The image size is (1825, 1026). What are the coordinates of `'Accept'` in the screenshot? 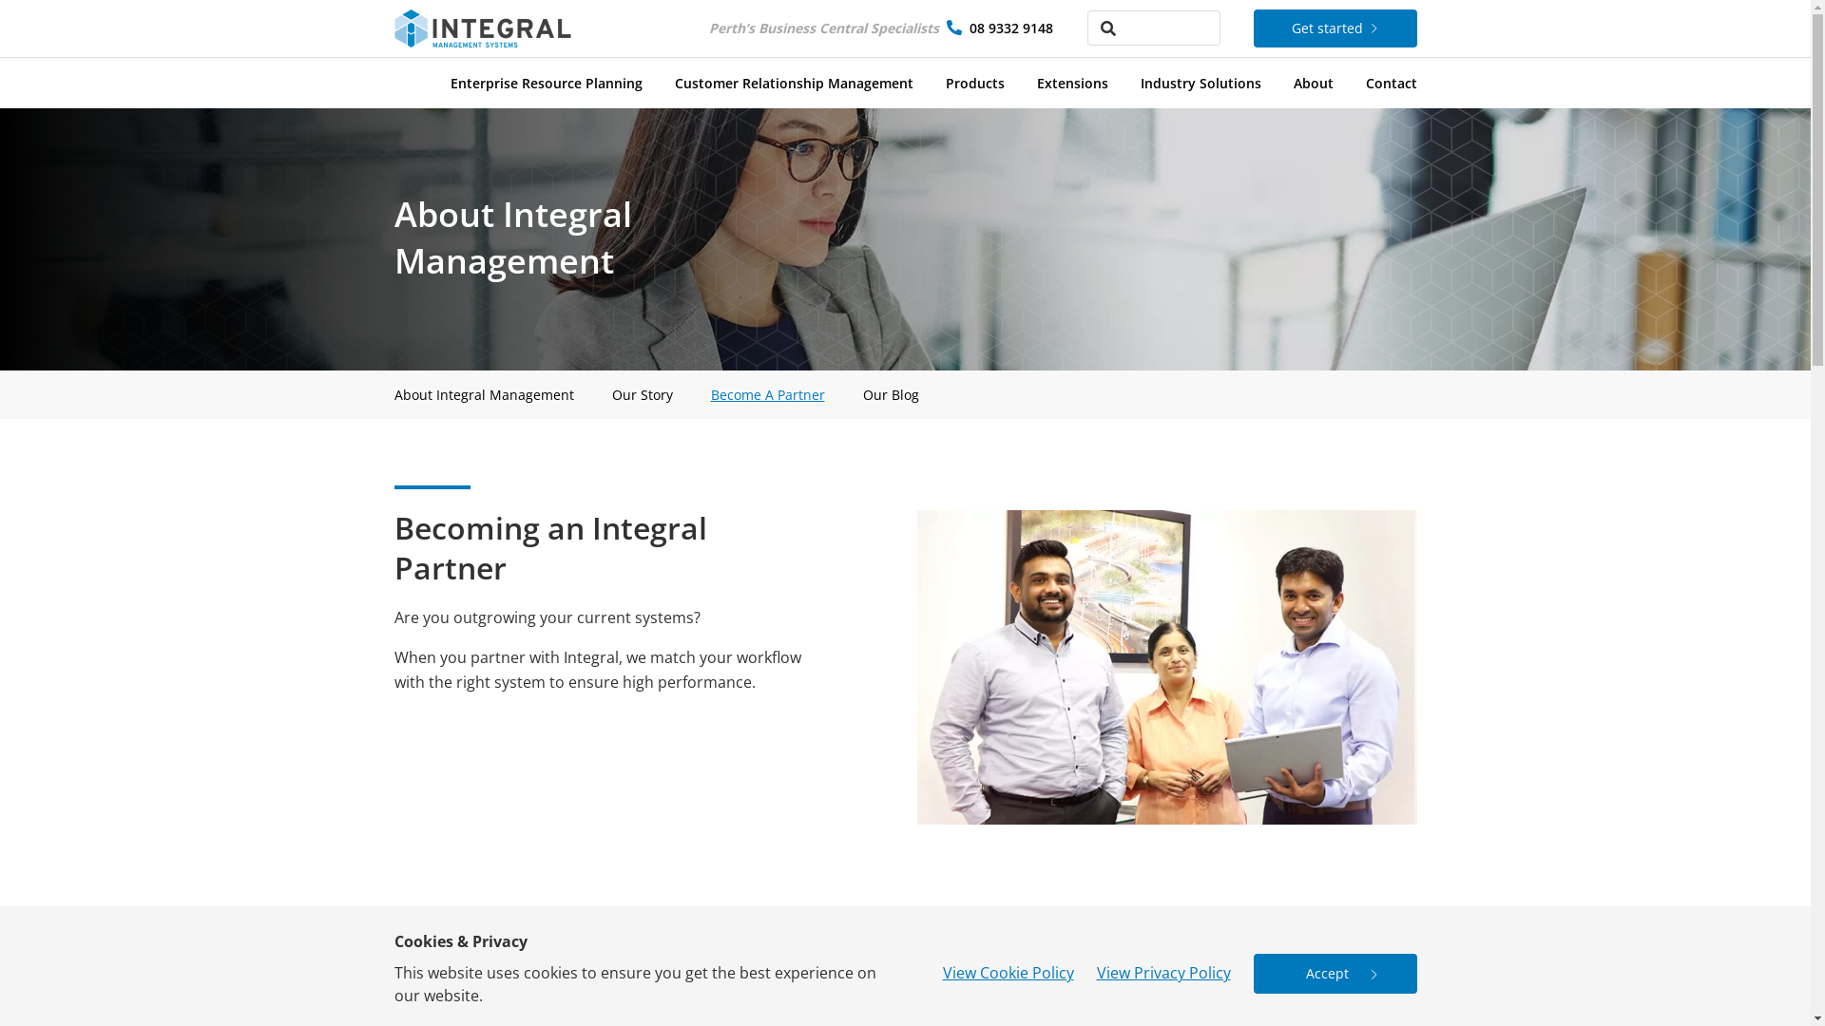 It's located at (1333, 974).